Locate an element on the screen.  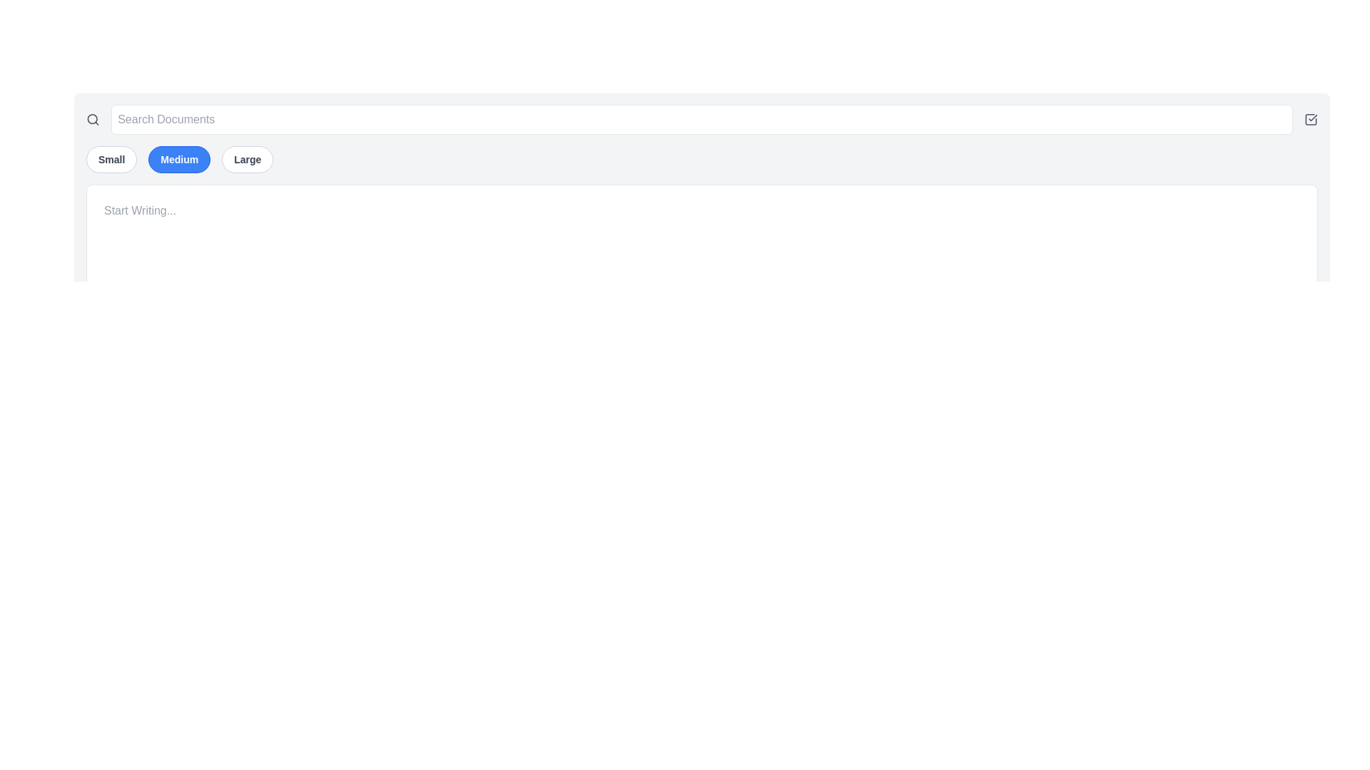
the 'Medium' size selector button located between the 'Small' and 'Large' buttons is located at coordinates (178, 159).